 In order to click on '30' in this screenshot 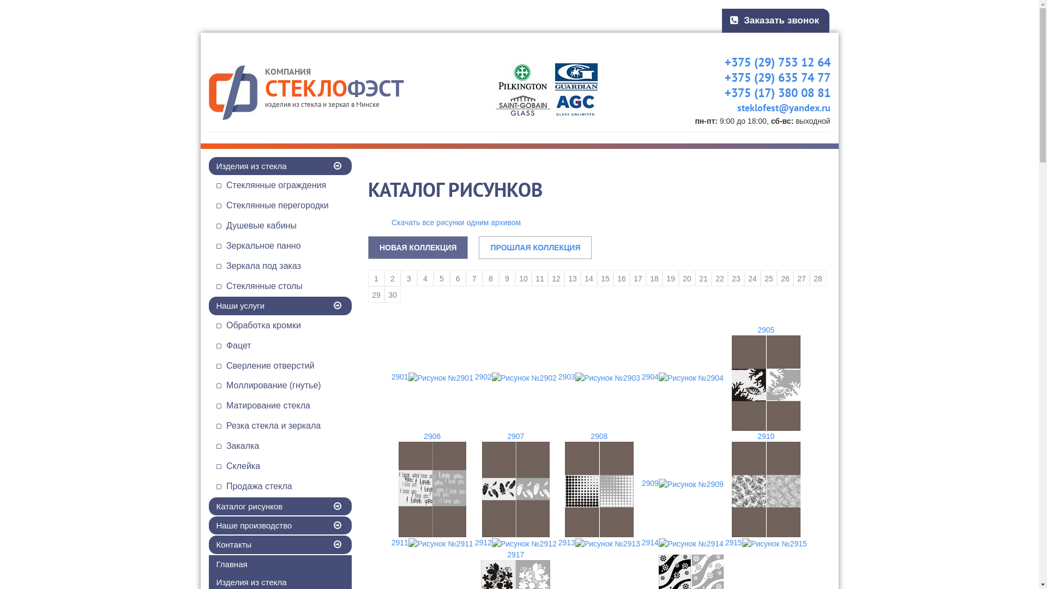, I will do `click(393, 294)`.